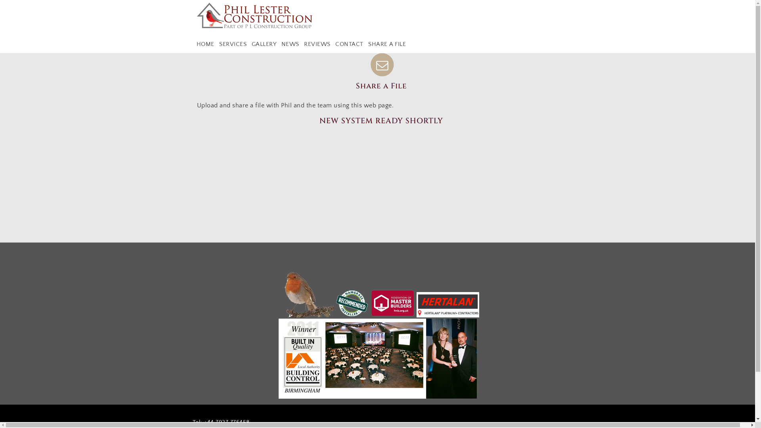 Image resolution: width=761 pixels, height=428 pixels. I want to click on 'GALLERY', so click(264, 44).